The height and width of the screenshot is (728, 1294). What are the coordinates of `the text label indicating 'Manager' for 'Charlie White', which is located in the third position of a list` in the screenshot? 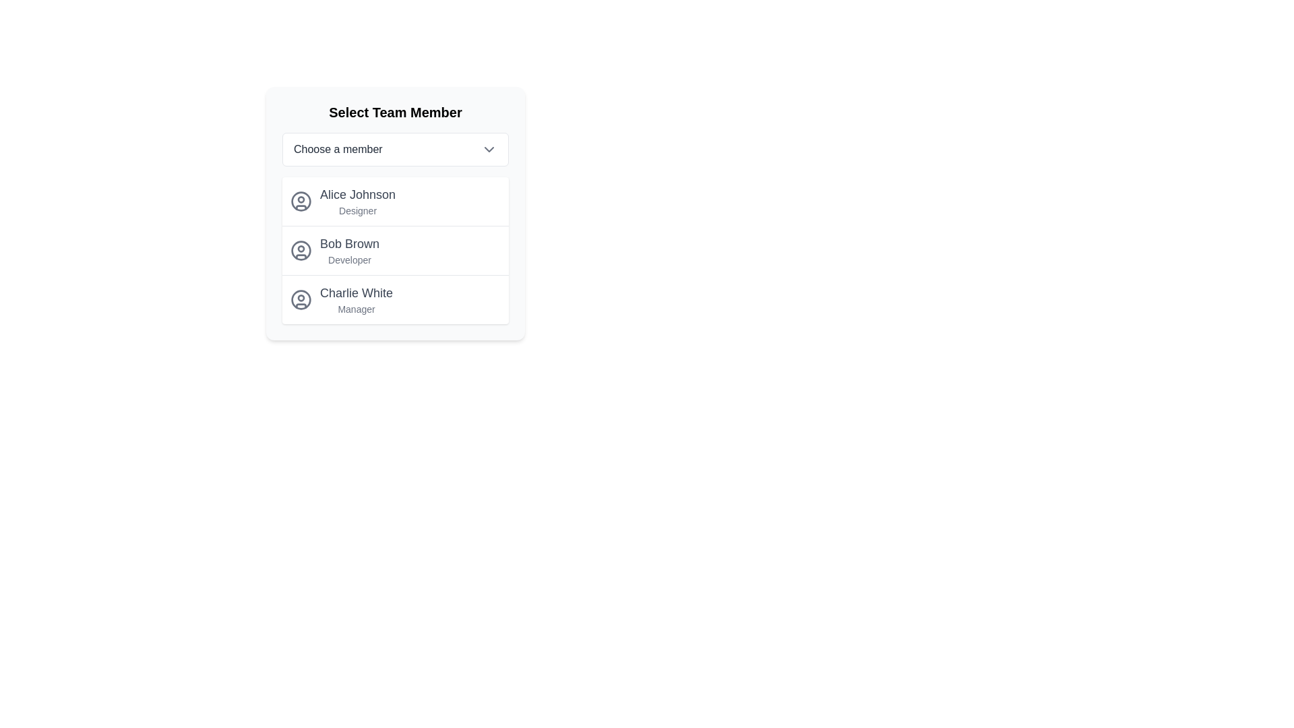 It's located at (356, 309).